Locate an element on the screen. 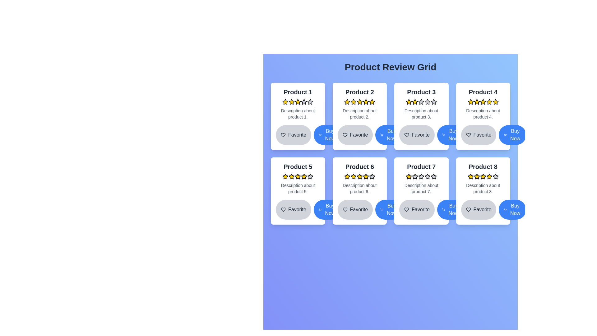 Image resolution: width=597 pixels, height=336 pixels. the third star from the left in the star rating visual indicator for 'Product 7', located in the rating widget under the product card is located at coordinates (421, 176).